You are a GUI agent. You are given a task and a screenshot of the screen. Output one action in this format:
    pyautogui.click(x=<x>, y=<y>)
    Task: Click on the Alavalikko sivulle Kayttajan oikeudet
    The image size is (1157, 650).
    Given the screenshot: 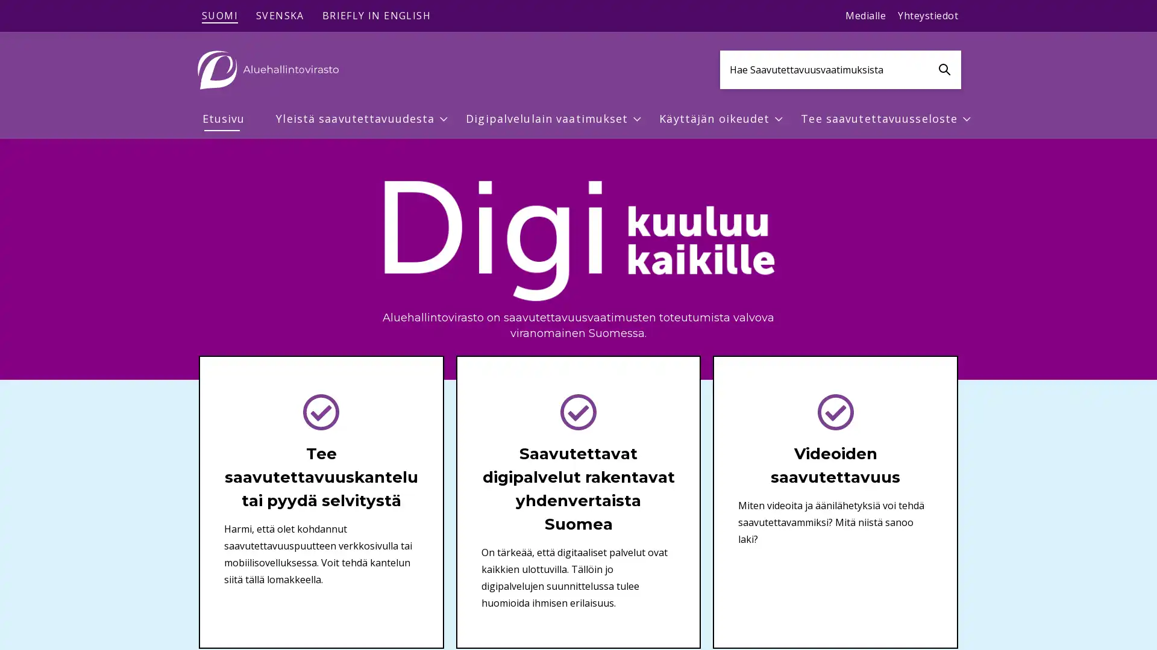 What is the action you would take?
    pyautogui.click(x=779, y=119)
    